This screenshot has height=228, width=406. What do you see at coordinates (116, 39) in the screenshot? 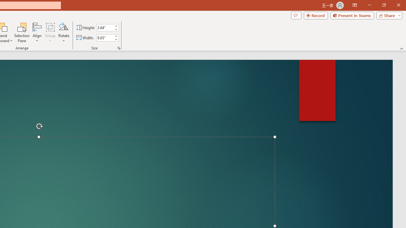
I see `'Less'` at bounding box center [116, 39].